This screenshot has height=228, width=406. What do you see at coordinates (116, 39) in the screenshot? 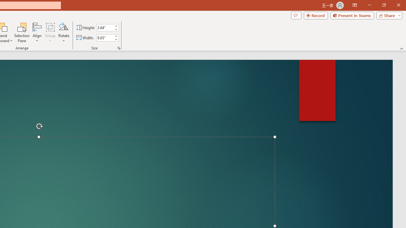
I see `'Less'` at bounding box center [116, 39].